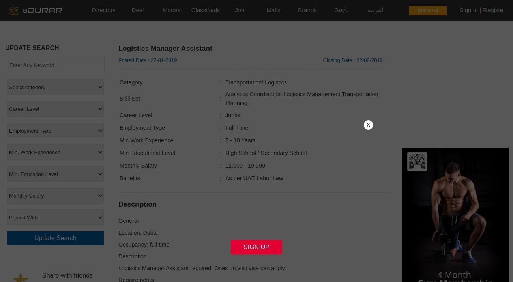 The height and width of the screenshot is (282, 513). I want to click on '|', so click(477, 10).